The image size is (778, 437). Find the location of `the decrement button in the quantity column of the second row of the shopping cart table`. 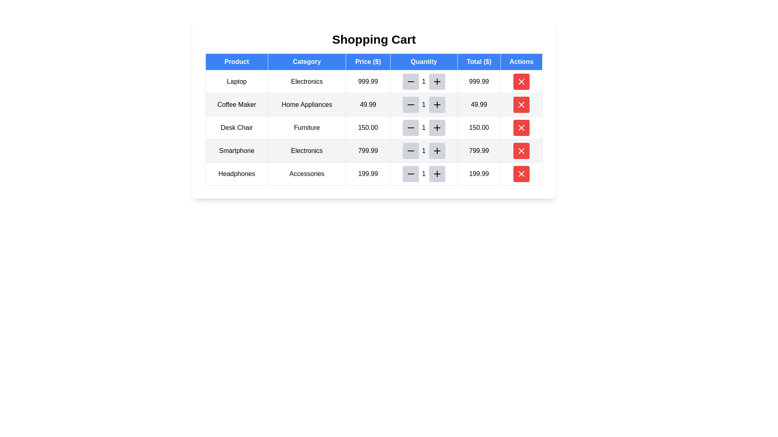

the decrement button in the quantity column of the second row of the shopping cart table is located at coordinates (410, 104).